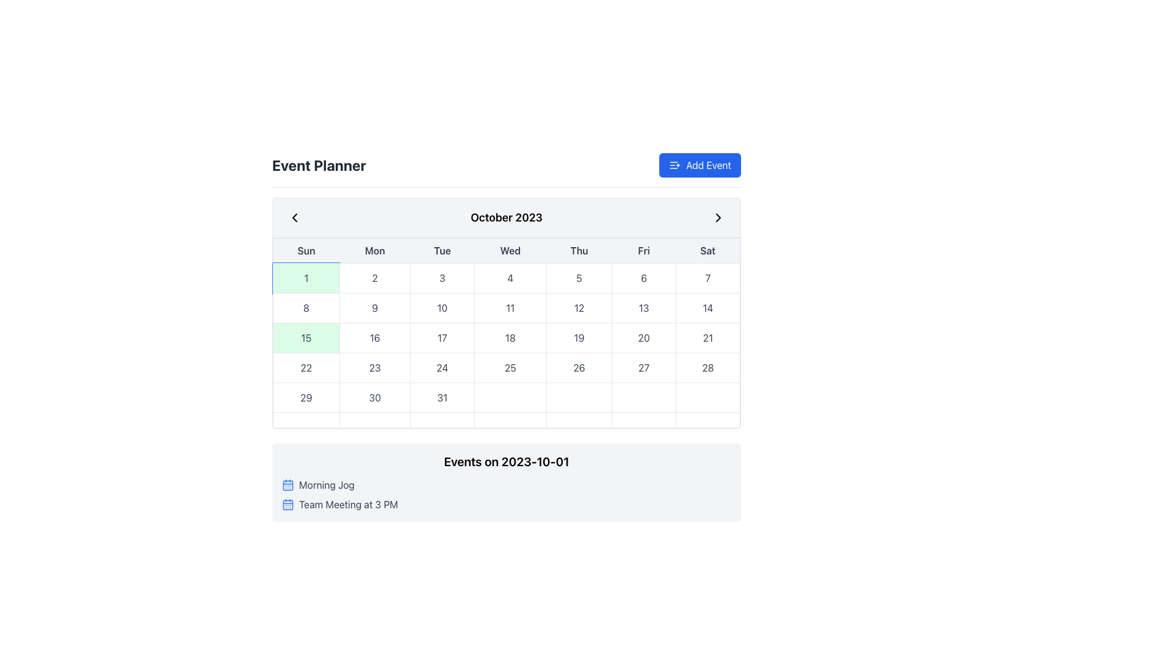 This screenshot has width=1172, height=659. What do you see at coordinates (643, 367) in the screenshot?
I see `the date cell representing '27' in the calendar interface under 'Friday' of the last week of October 2023` at bounding box center [643, 367].